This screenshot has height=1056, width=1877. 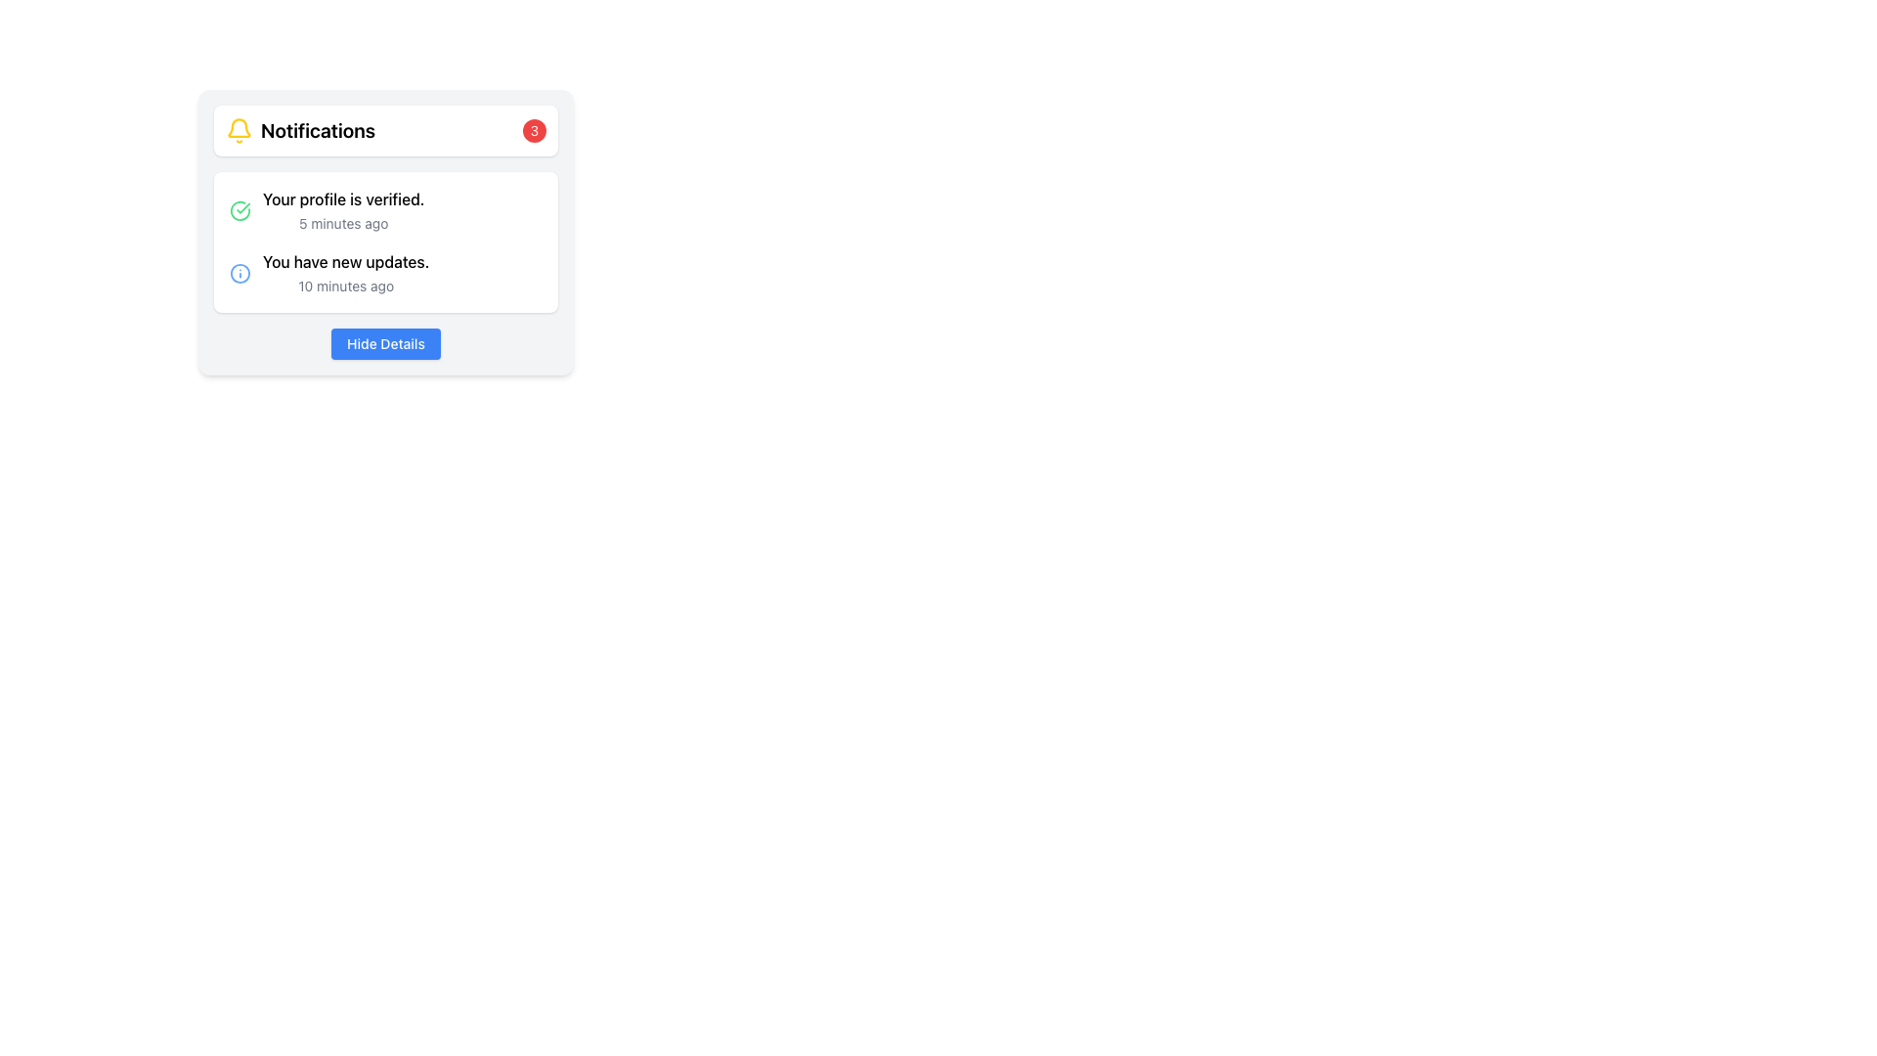 What do you see at coordinates (343, 199) in the screenshot?
I see `the static text display that shows 'Your profile is verified.' within the notification card` at bounding box center [343, 199].